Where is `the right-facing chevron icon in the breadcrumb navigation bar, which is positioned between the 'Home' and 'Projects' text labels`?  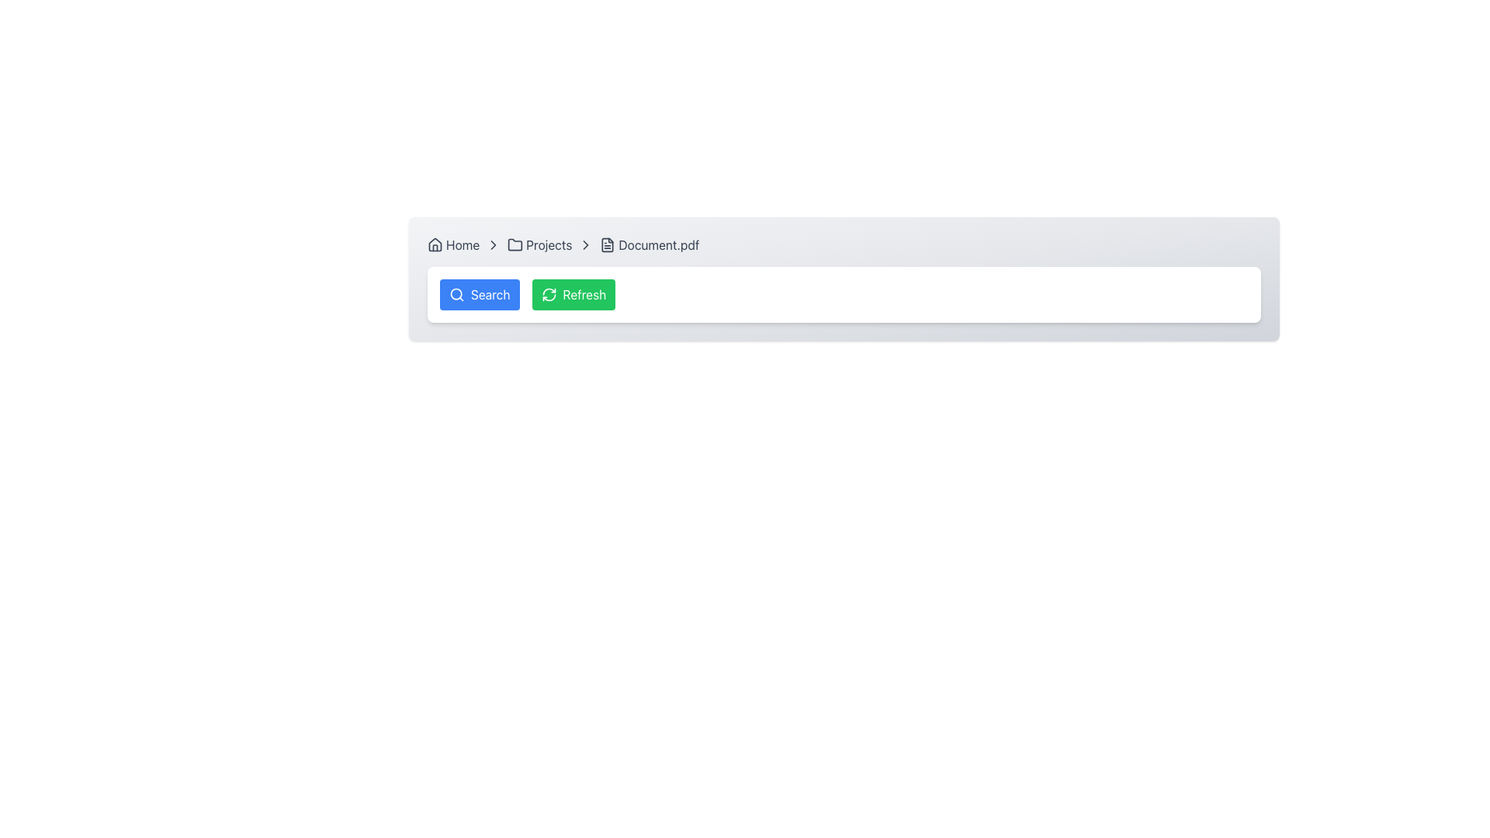
the right-facing chevron icon in the breadcrumb navigation bar, which is positioned between the 'Home' and 'Projects' text labels is located at coordinates (493, 244).